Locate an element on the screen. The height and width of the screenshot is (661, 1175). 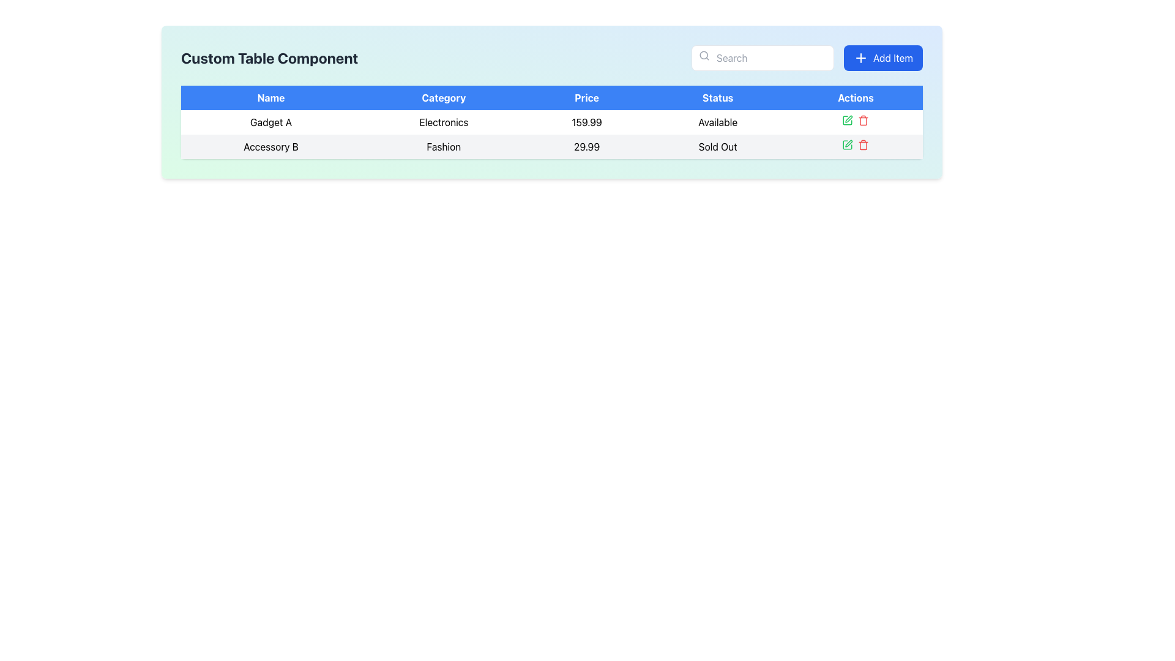
the small circular graphic that forms the lens of the magnifying glass in the search bar located at the top-right portion of the interface is located at coordinates (704, 55).